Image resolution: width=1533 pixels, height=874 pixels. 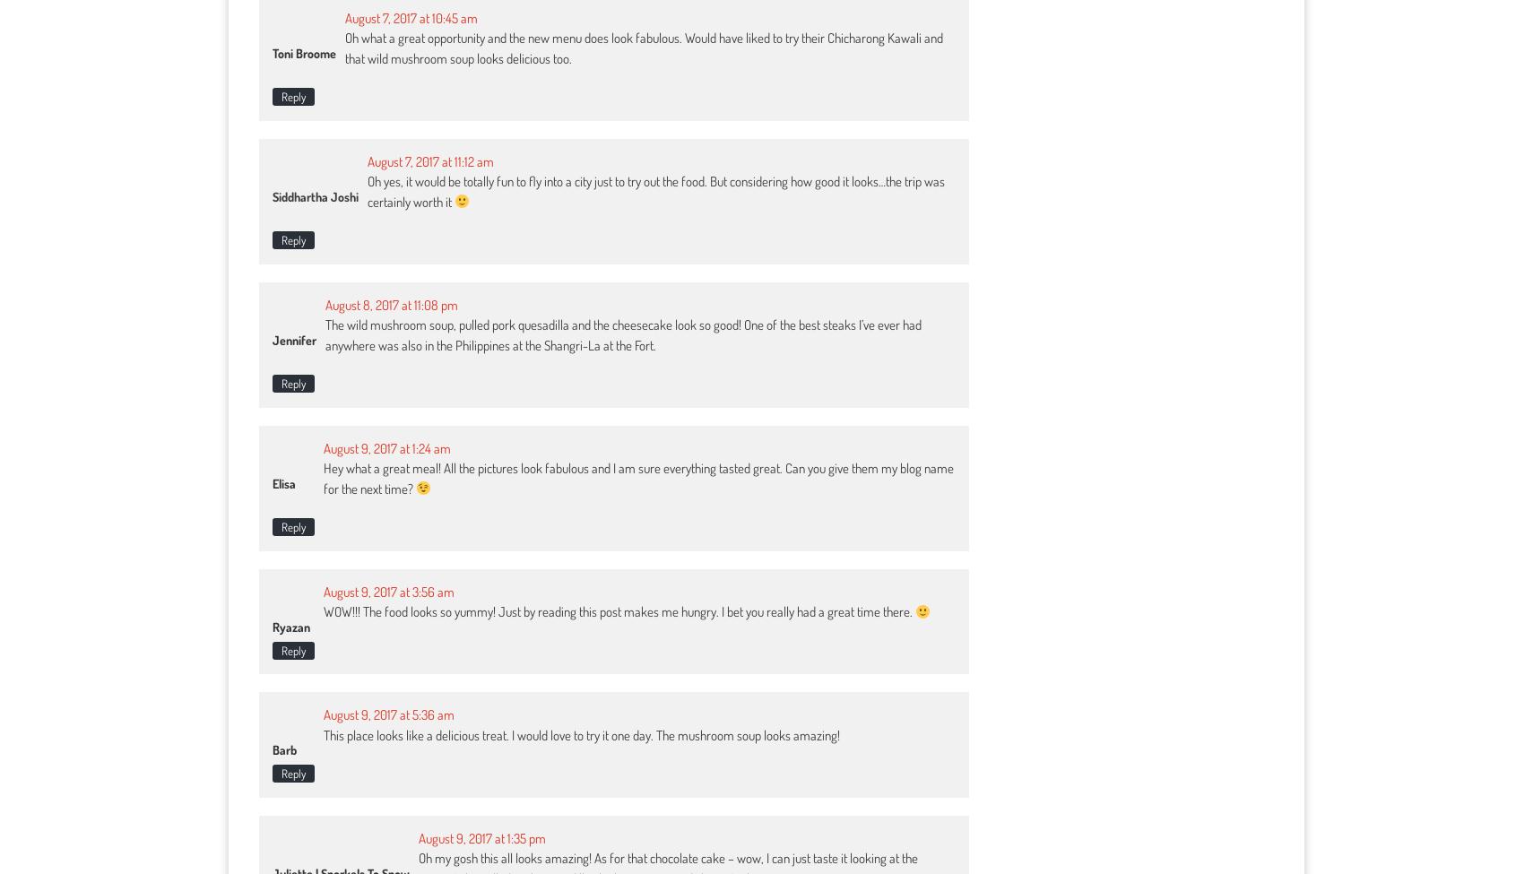 I want to click on 'Jennifer', so click(x=272, y=338).